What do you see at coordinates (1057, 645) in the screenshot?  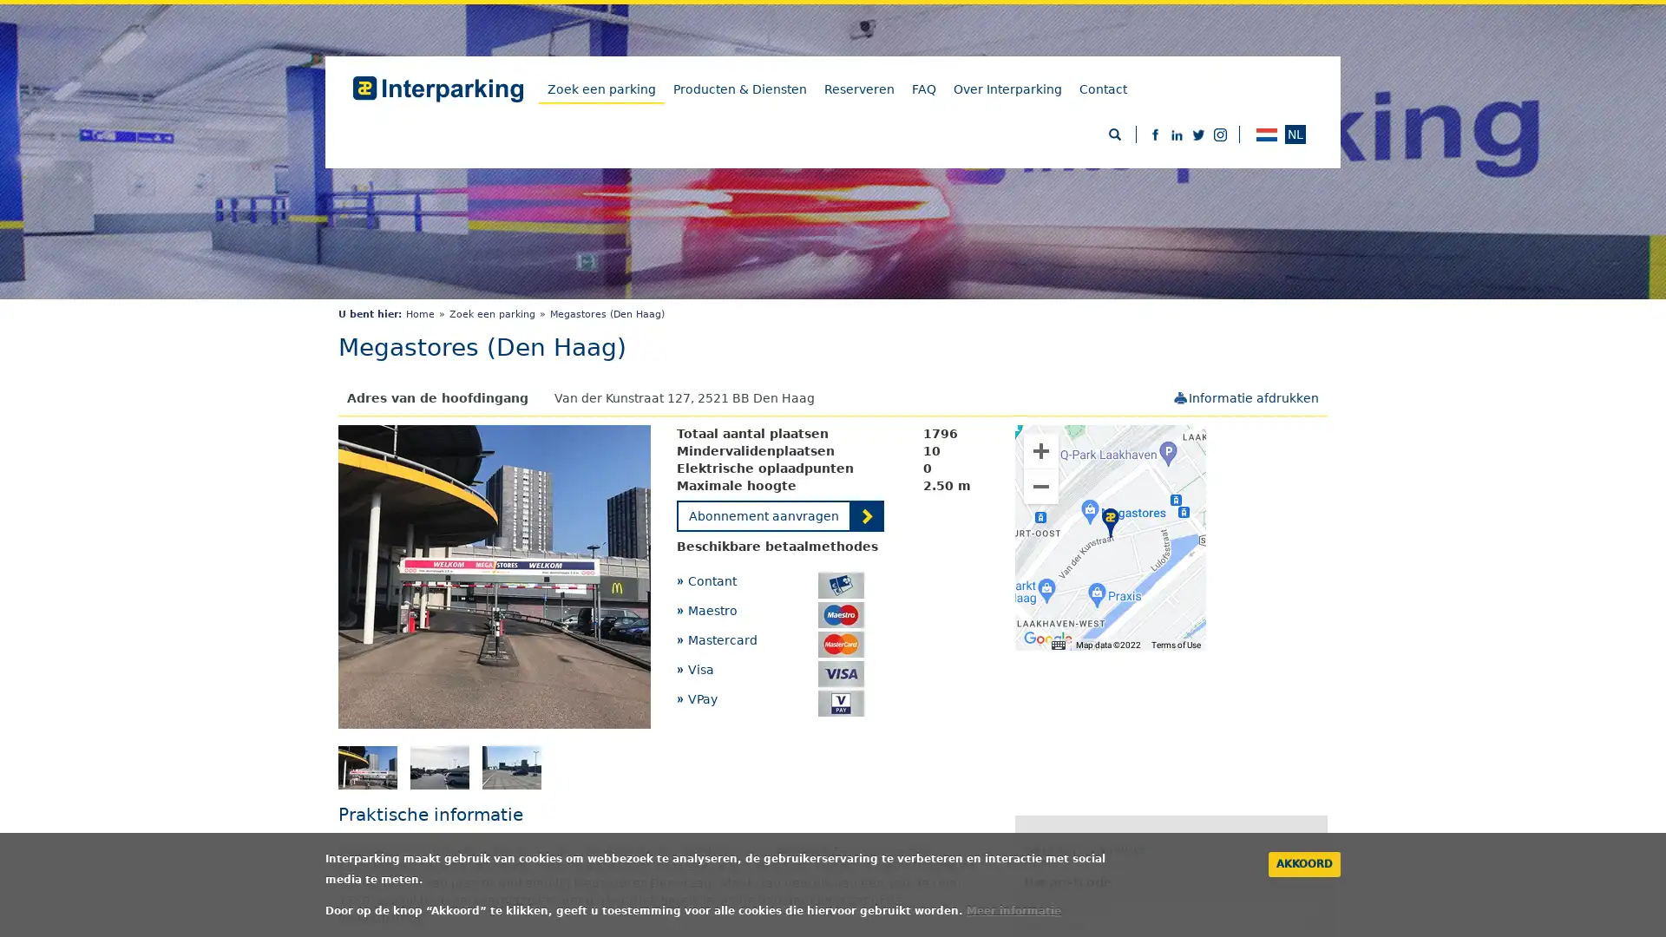 I see `Keyboard shortcuts` at bounding box center [1057, 645].